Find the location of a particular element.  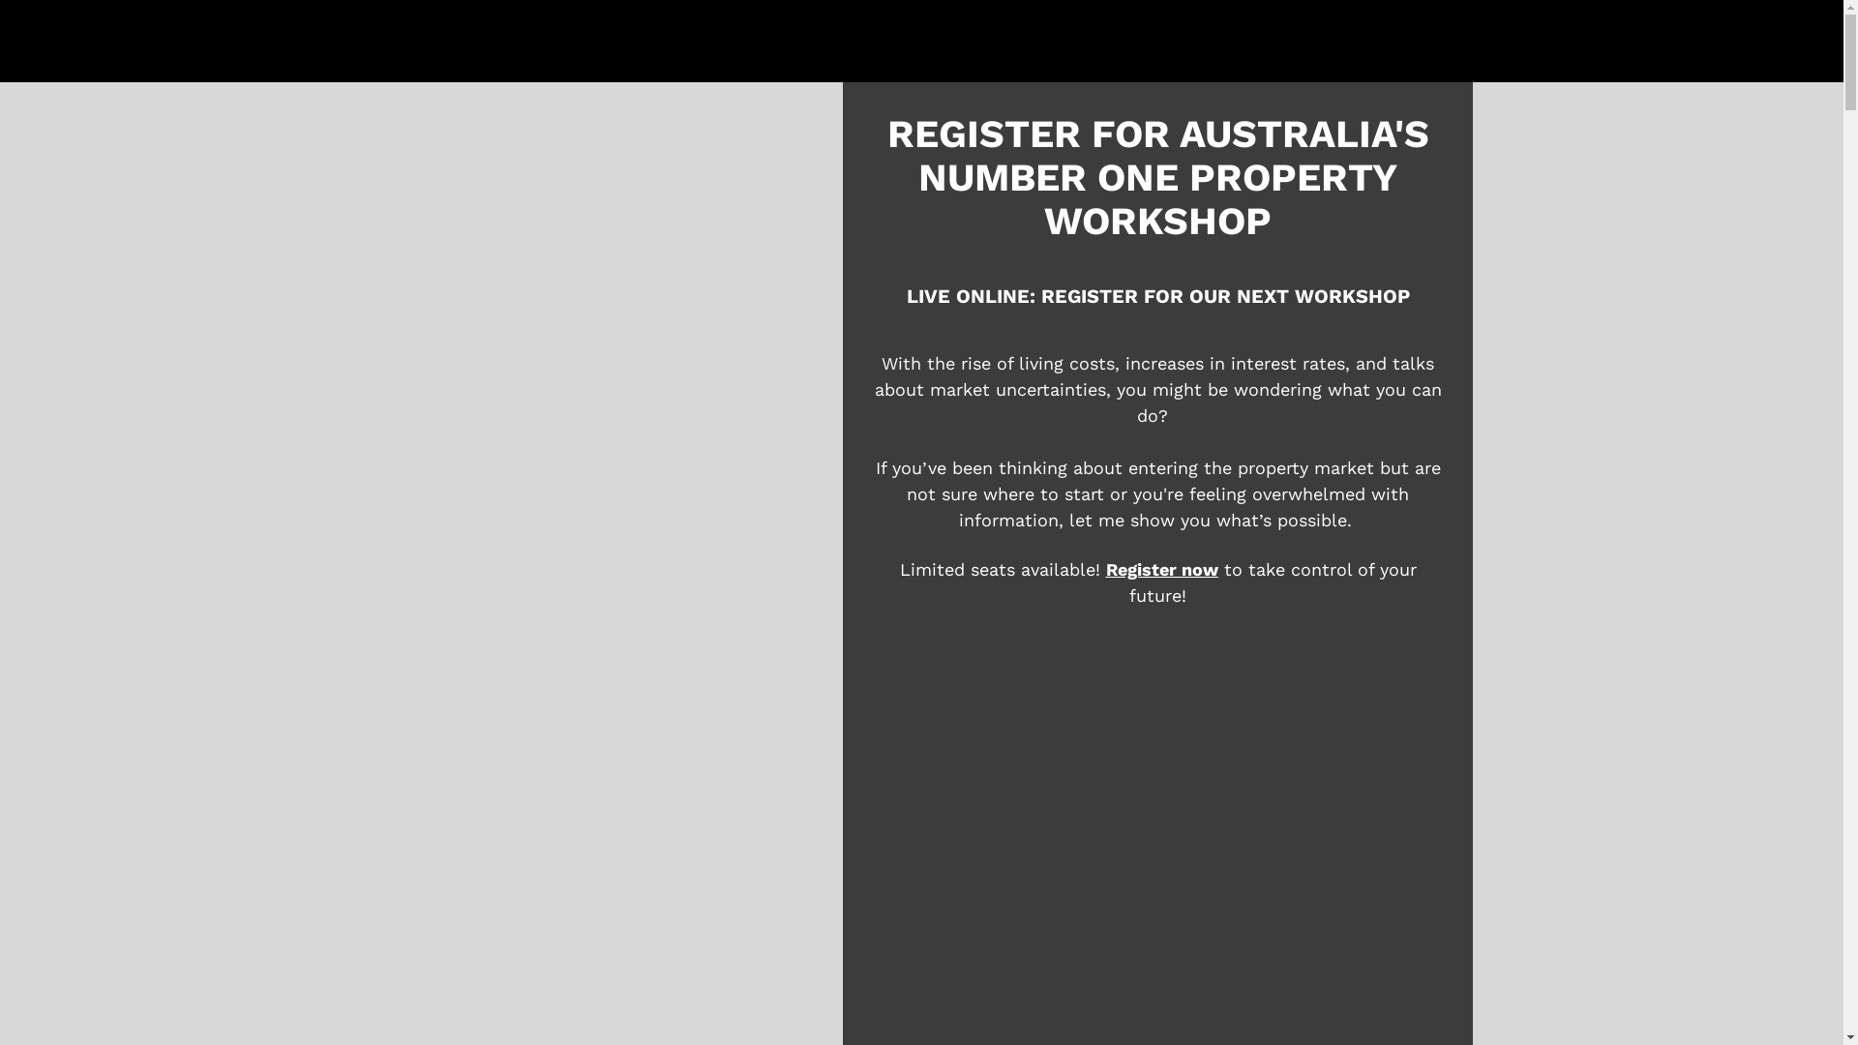

'Register now' is located at coordinates (1161, 568).